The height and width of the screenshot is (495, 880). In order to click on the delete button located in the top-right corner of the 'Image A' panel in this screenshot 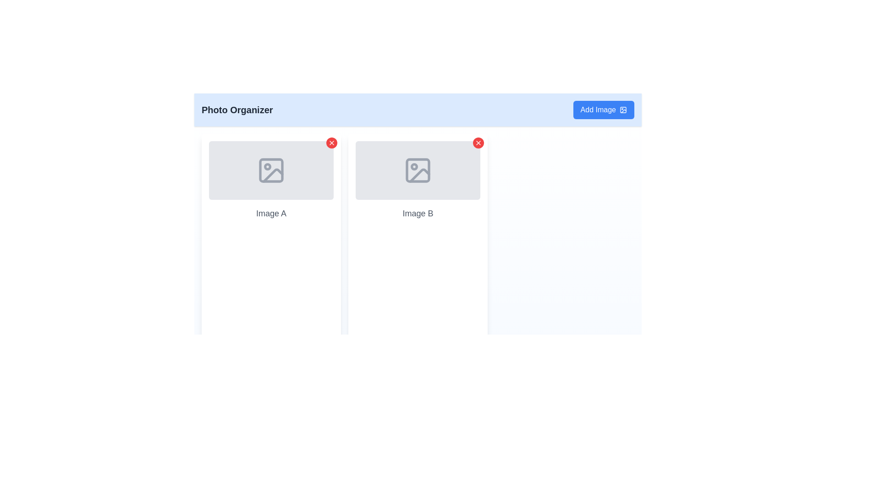, I will do `click(331, 143)`.